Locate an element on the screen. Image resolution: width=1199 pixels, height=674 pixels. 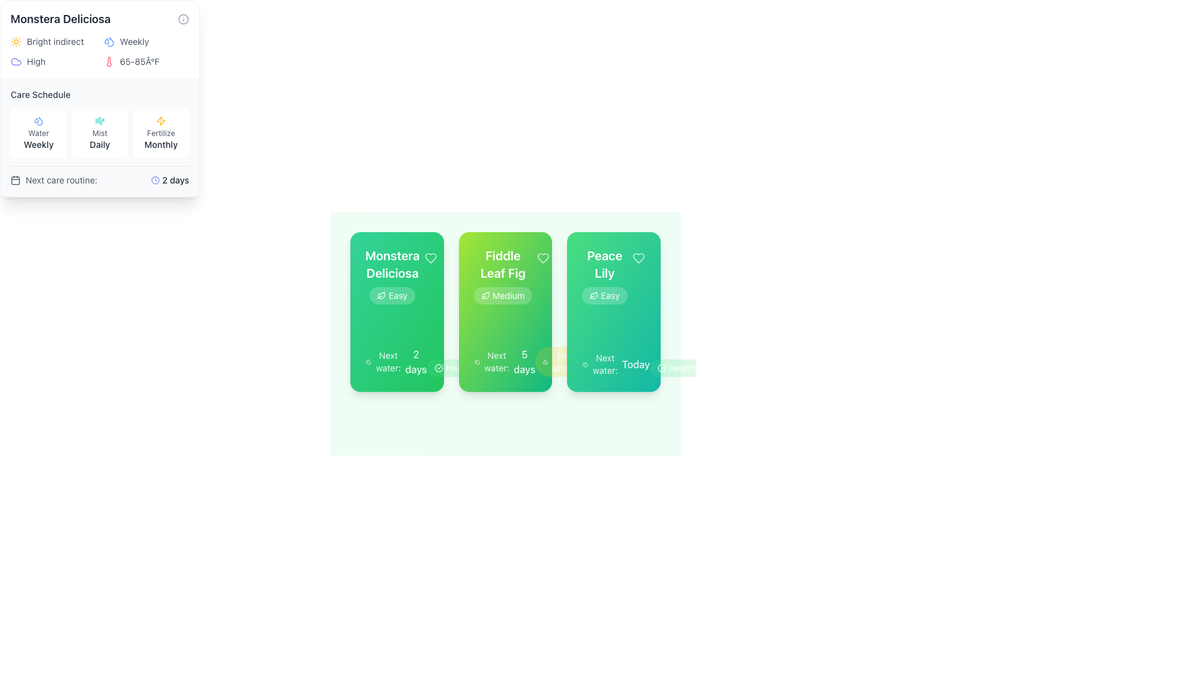
the Text Label with Icon that indicates the next scheduled watering for the 'Fiddle Leaf Fig' plant, located at the bottom of the card is located at coordinates (505, 361).